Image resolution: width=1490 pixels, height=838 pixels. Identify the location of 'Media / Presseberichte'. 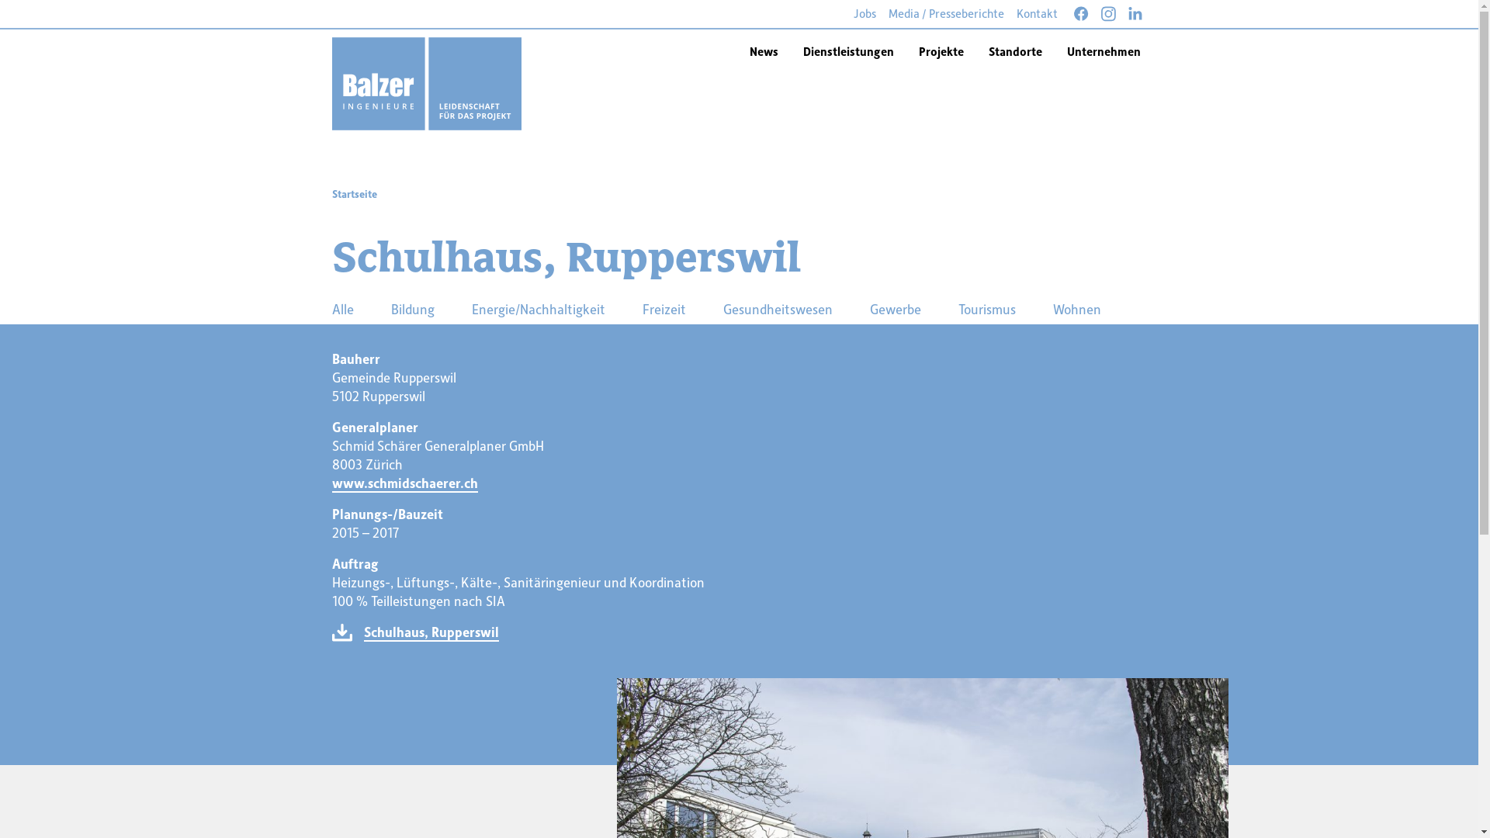
(945, 14).